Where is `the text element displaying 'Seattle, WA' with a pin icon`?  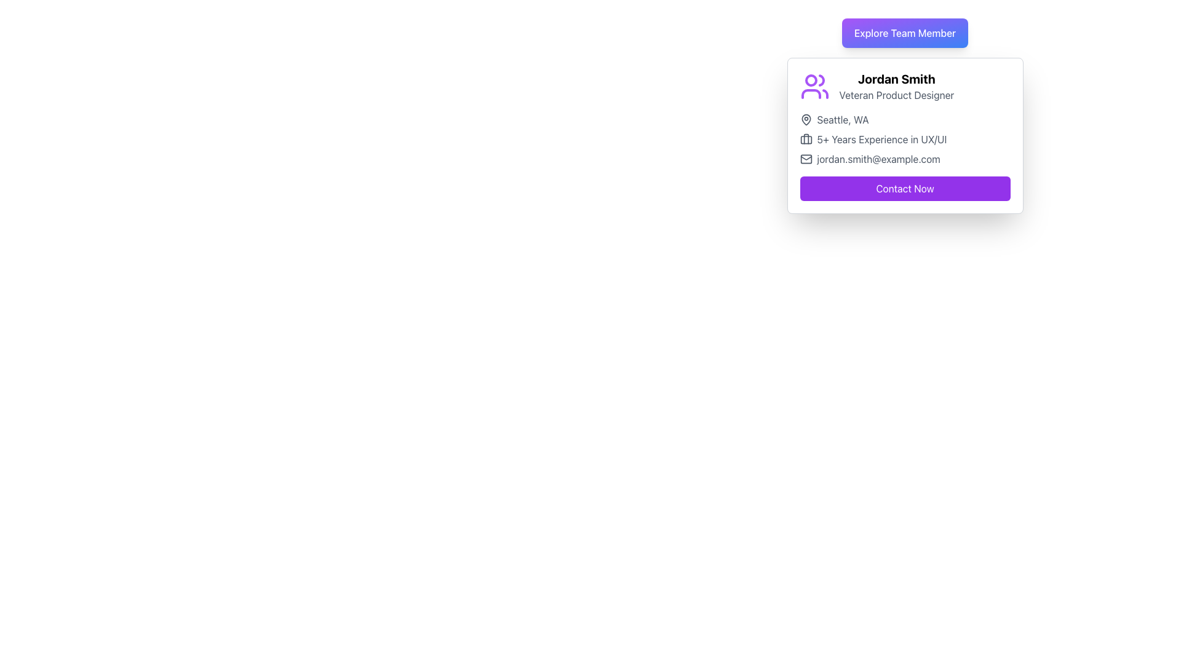 the text element displaying 'Seattle, WA' with a pin icon is located at coordinates (905, 120).